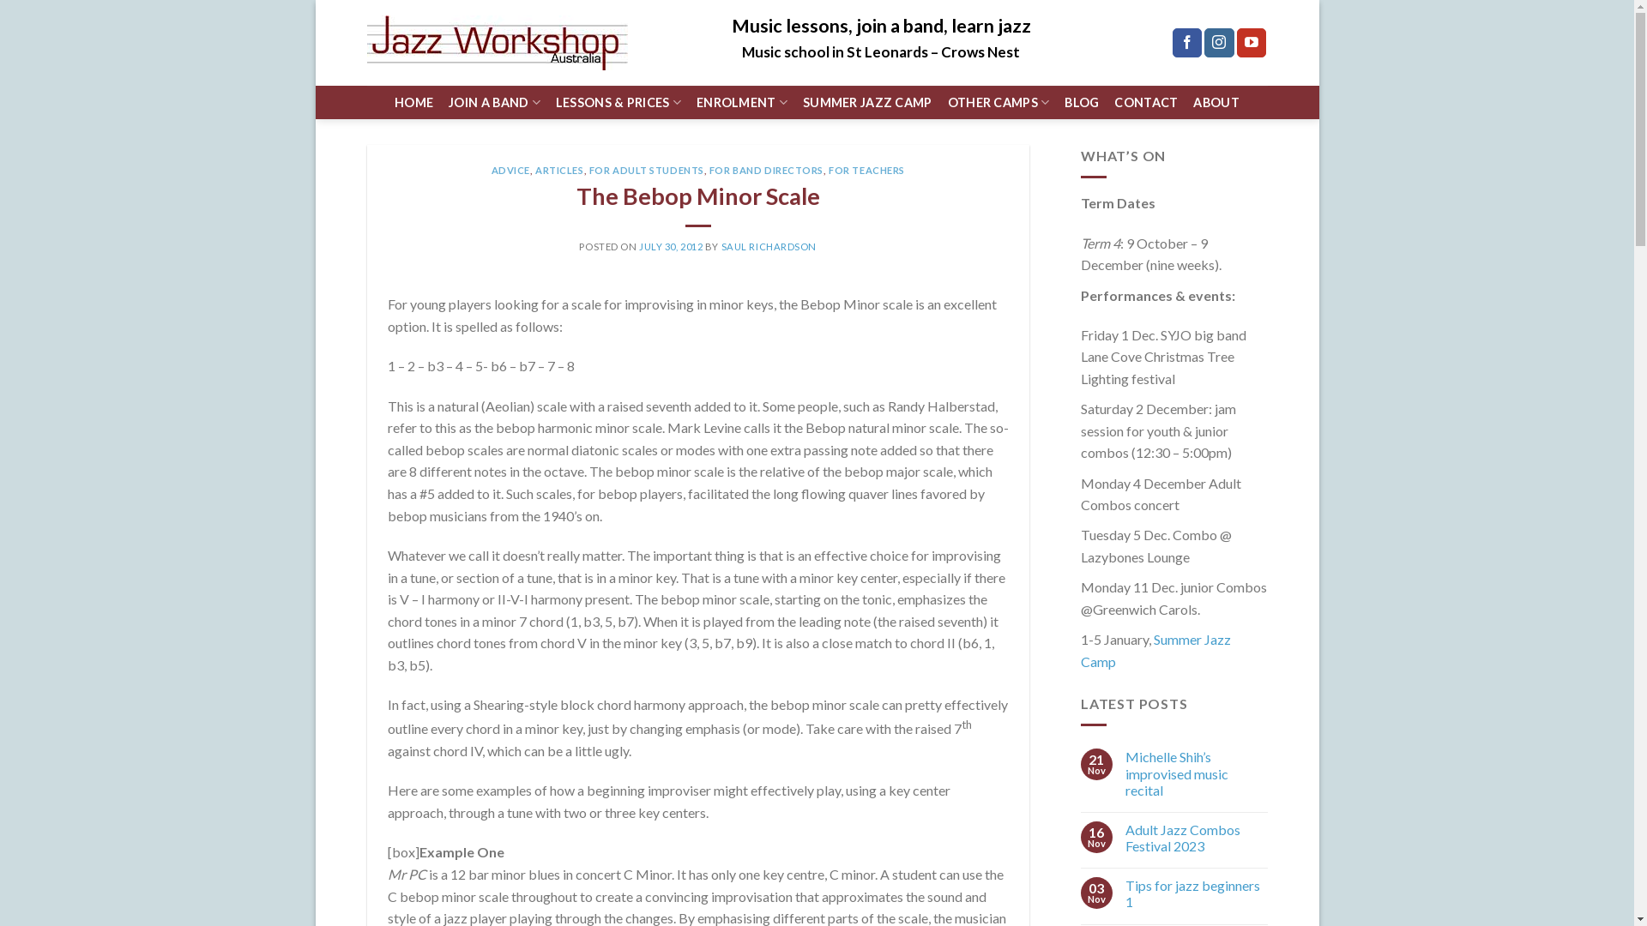 The image size is (1647, 926). Describe the element at coordinates (413, 102) in the screenshot. I see `'HOME'` at that location.